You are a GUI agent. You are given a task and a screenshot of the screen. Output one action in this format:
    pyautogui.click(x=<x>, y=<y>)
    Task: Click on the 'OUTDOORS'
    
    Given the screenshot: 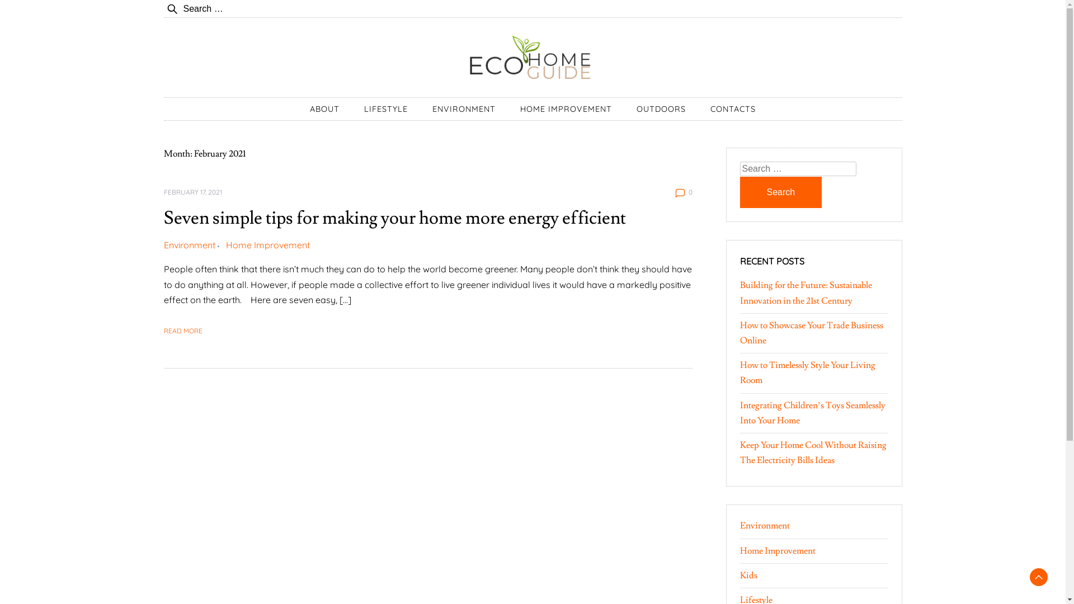 What is the action you would take?
    pyautogui.click(x=625, y=109)
    